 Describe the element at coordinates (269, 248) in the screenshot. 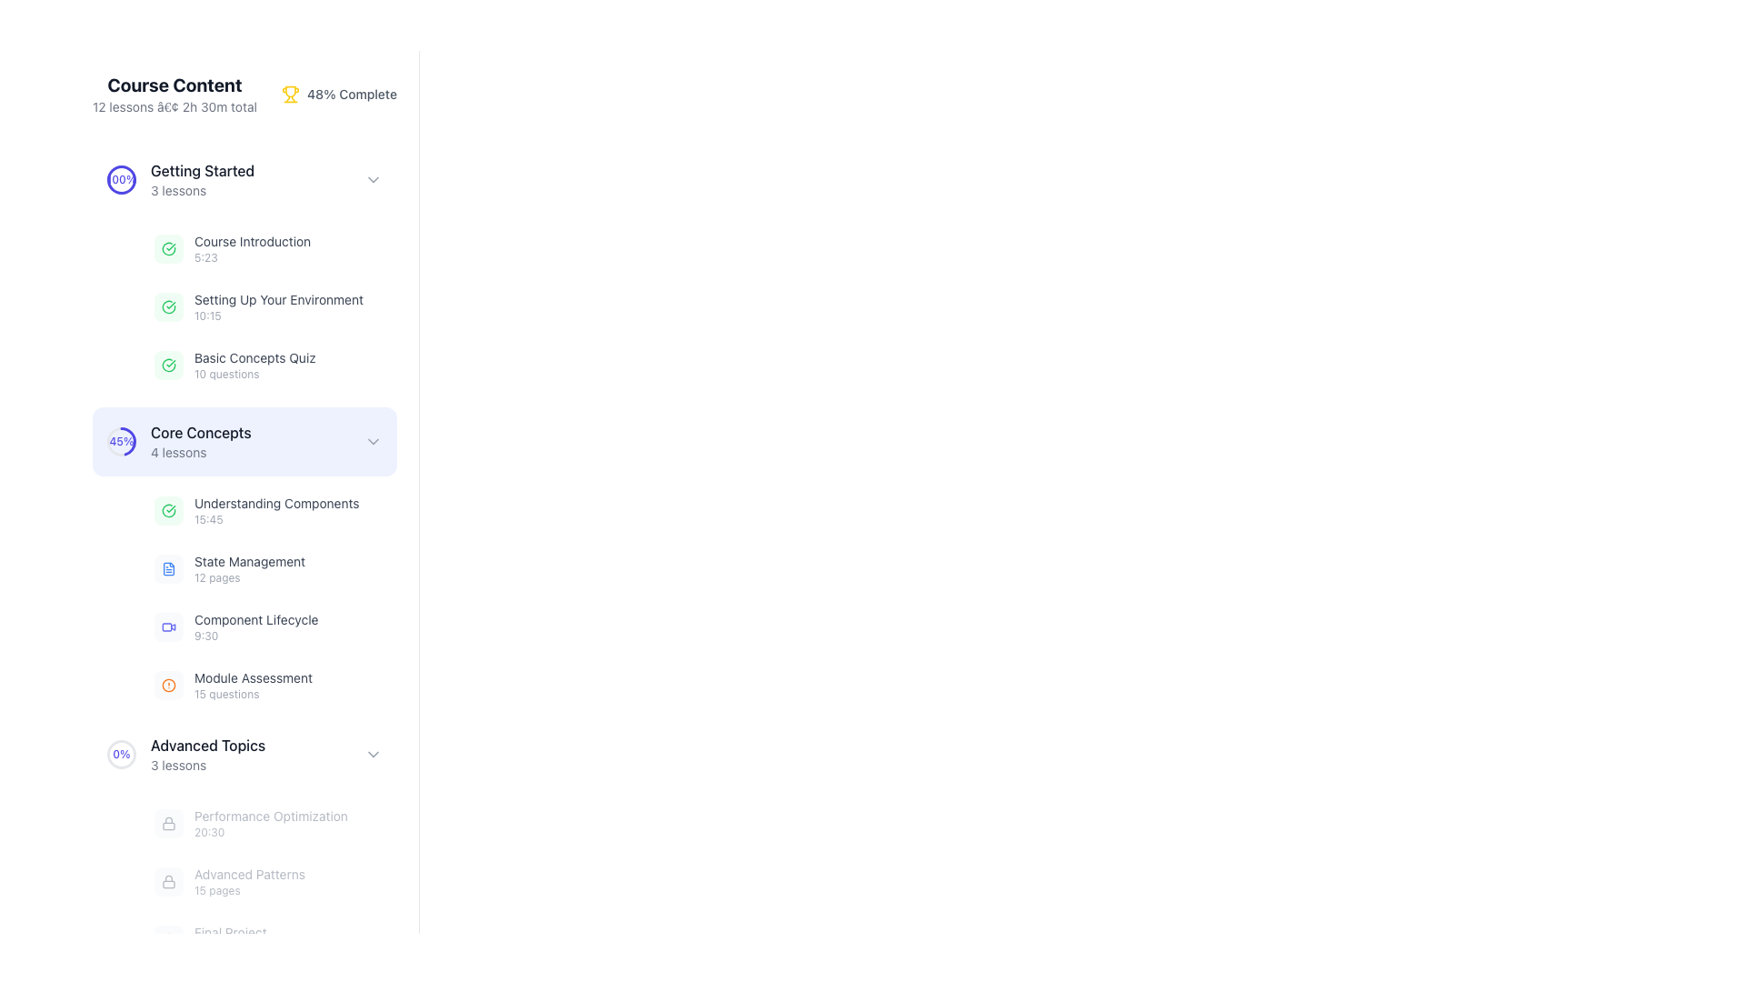

I see `on the first clickable list item in the 'Getting Started' section with the text 'Course Introduction'` at that location.